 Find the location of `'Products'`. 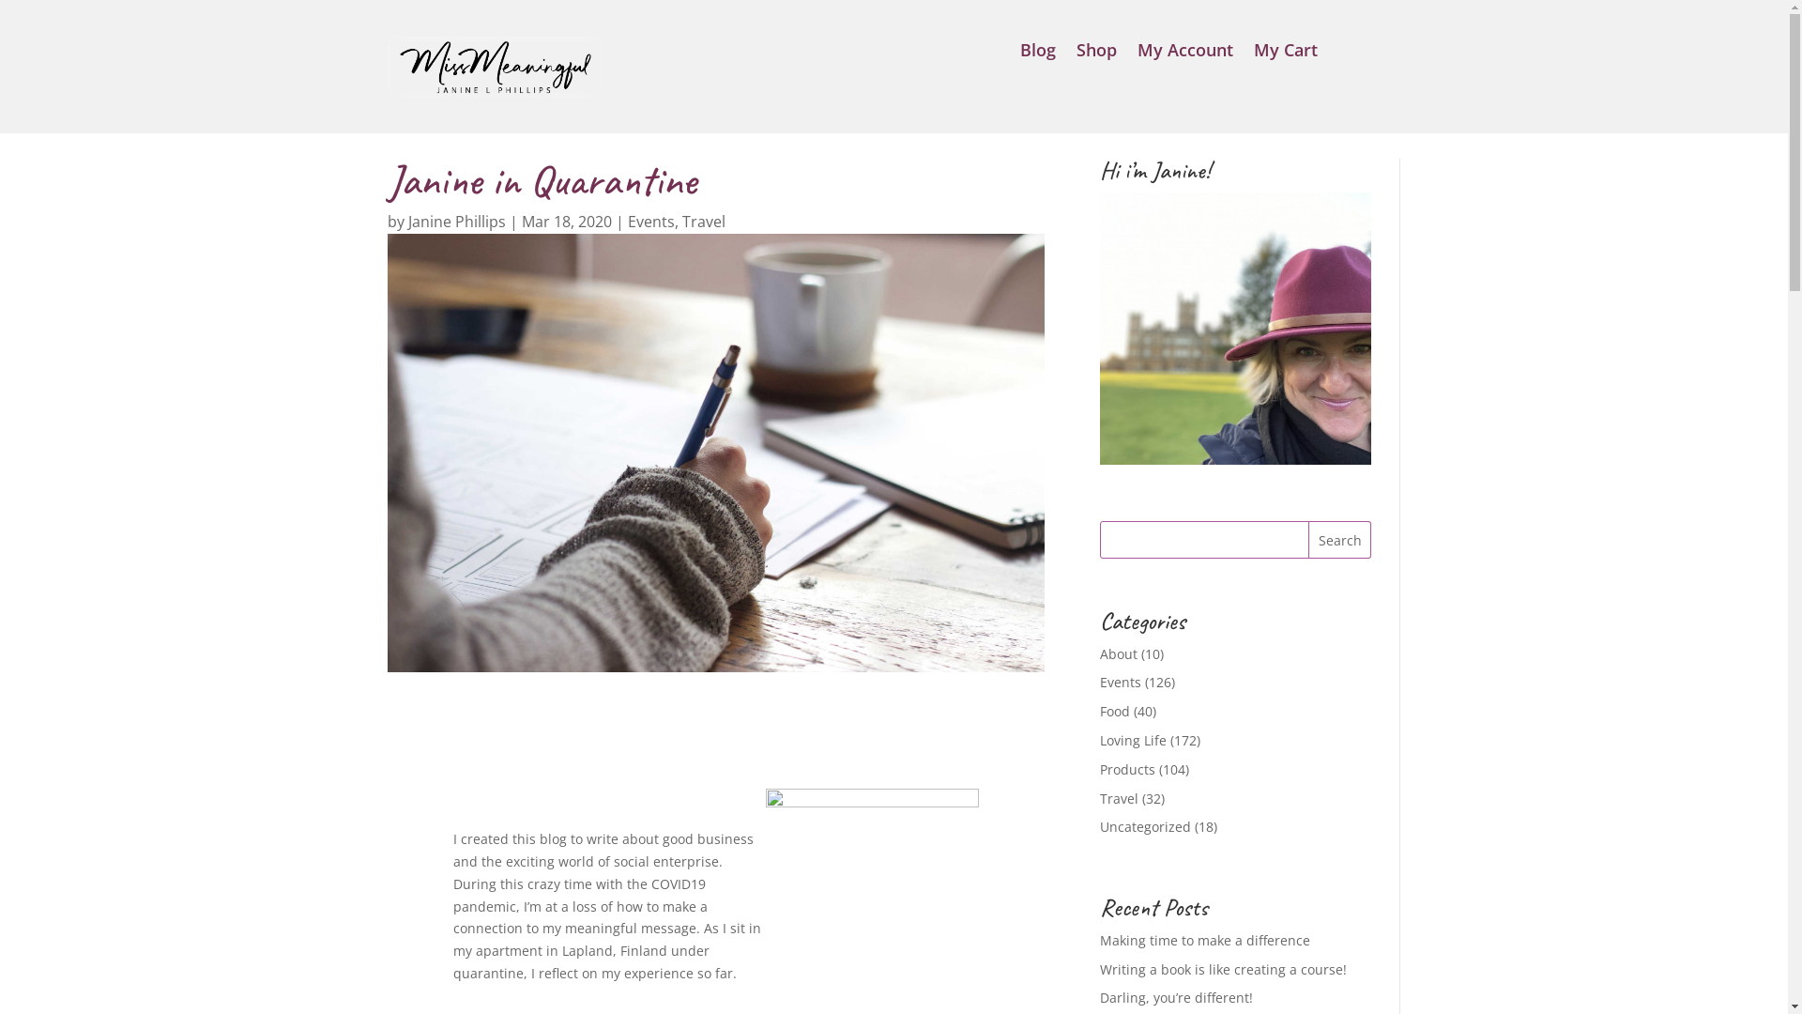

'Products' is located at coordinates (1099, 769).